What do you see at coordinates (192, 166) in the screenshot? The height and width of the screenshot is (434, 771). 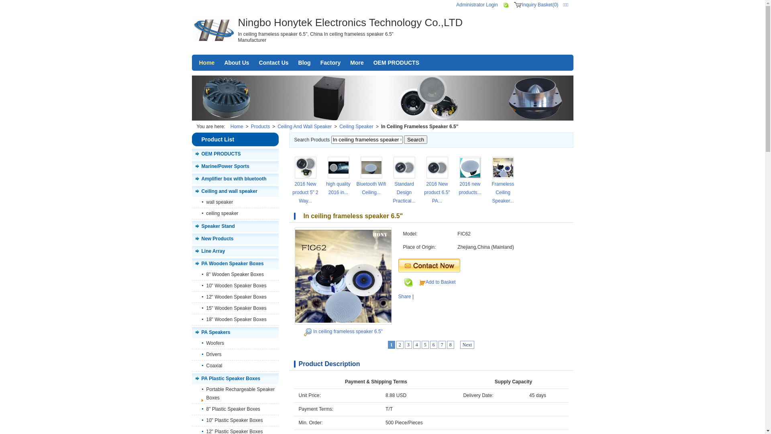 I see `'Marine/Power Sports'` at bounding box center [192, 166].